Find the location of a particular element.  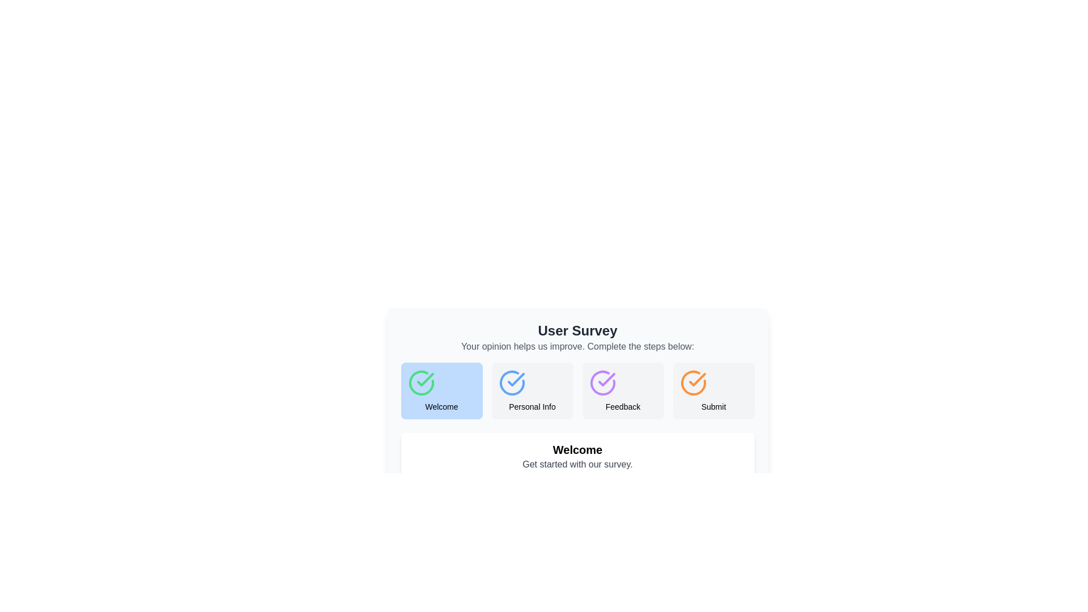

content displayed in the Text heading, which serves as the title of the survey form section, clearly identifying the form's purpose to the user is located at coordinates (577, 330).